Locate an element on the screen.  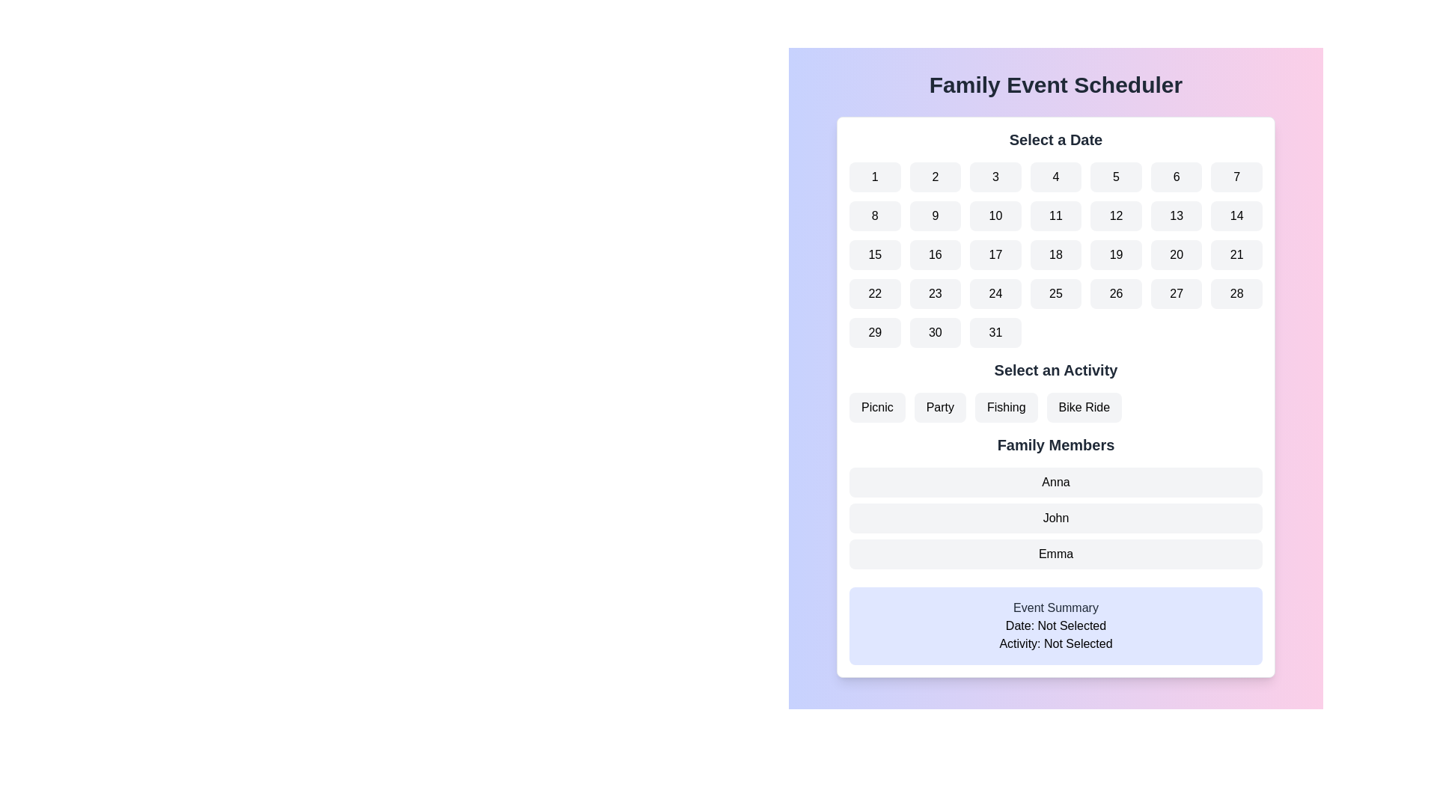
the button labeled '6' in the date picker is located at coordinates (1176, 176).